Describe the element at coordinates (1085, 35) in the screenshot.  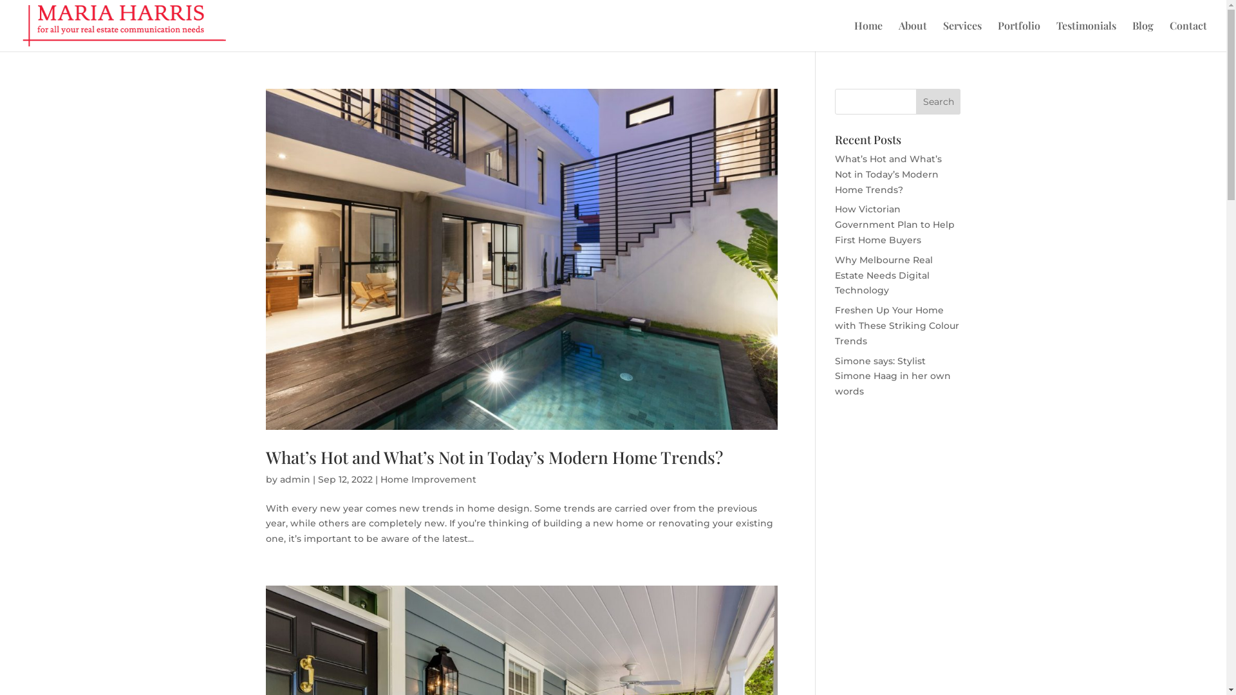
I see `'Testimonials'` at that location.